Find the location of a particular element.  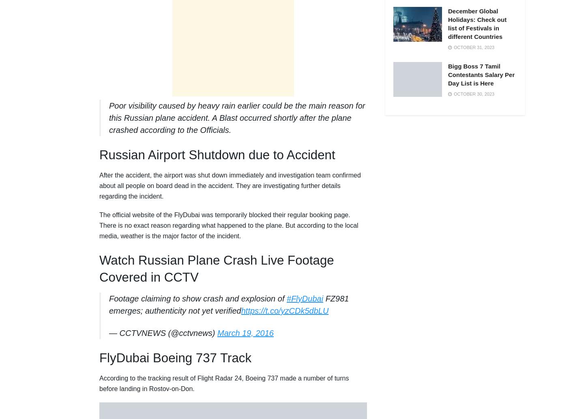

'Poor visibility caused by heavy rain earlier could be the main reason for this Russian plane accident. A Blast occurred shortly after the plane crashed according to the Officials.' is located at coordinates (237, 117).